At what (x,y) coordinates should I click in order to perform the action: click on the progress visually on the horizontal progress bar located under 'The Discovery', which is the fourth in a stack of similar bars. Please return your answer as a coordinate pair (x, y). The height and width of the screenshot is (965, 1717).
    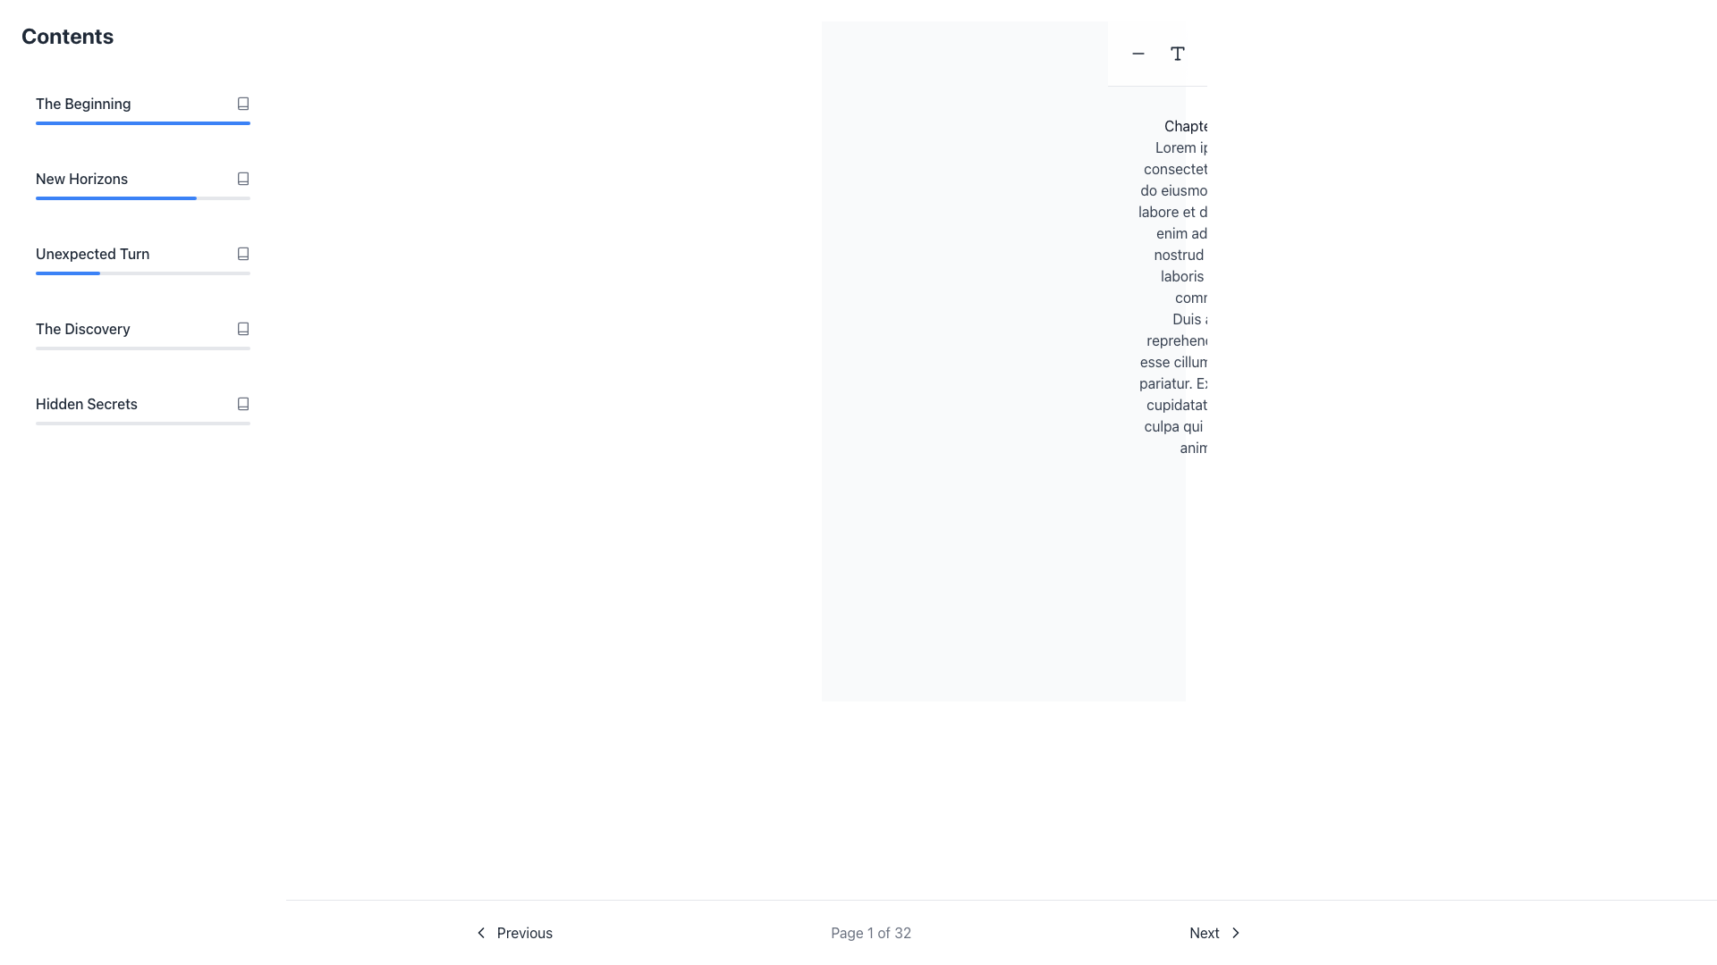
    Looking at the image, I should click on (141, 348).